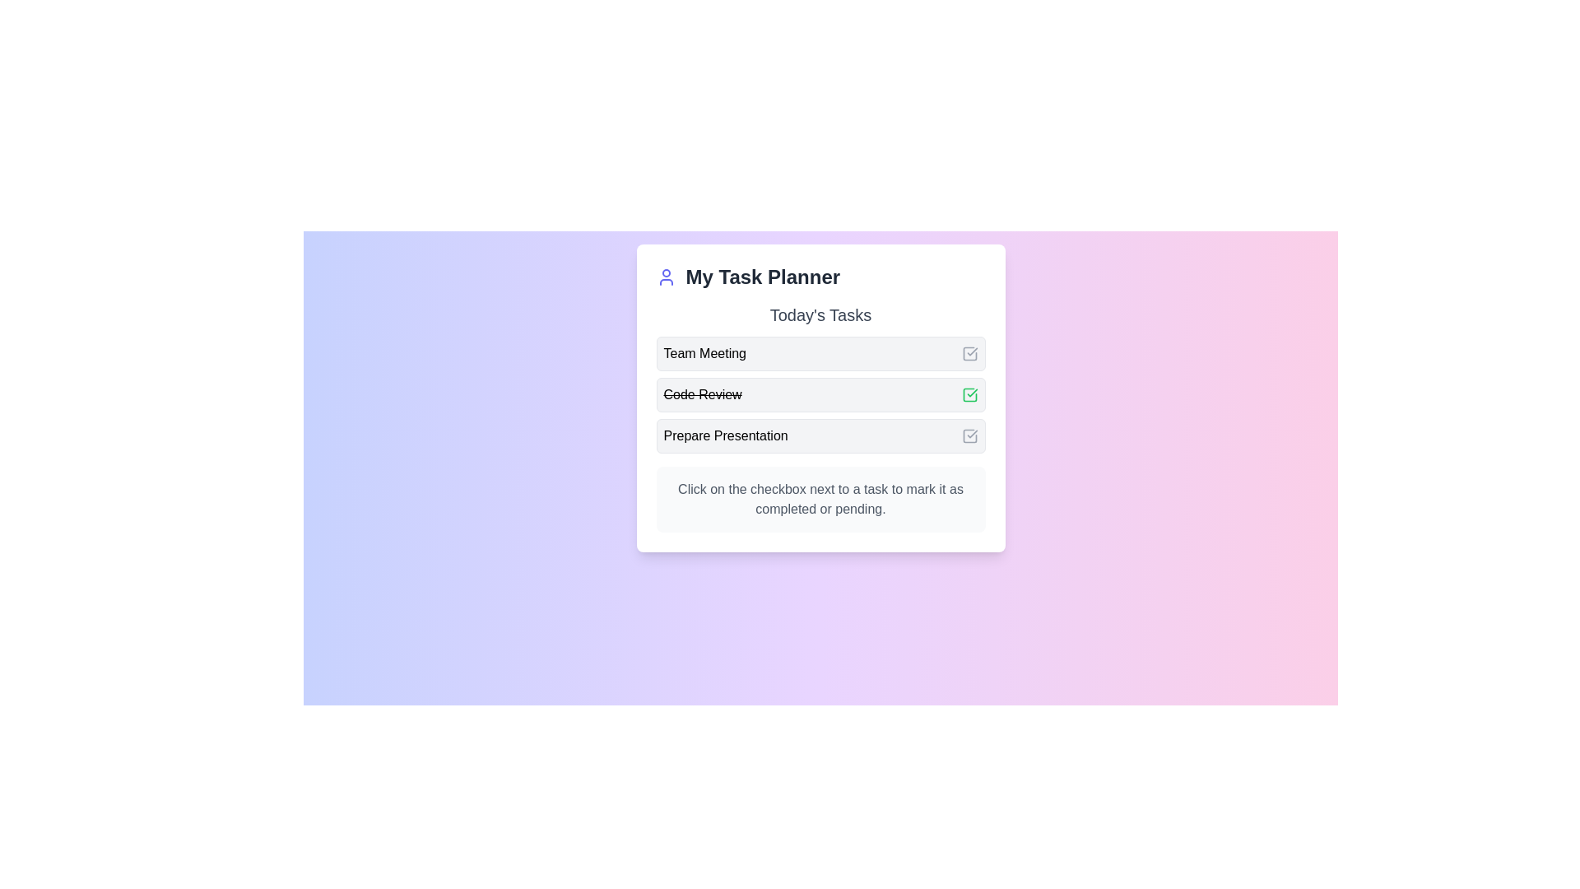 This screenshot has height=889, width=1580. Describe the element at coordinates (703, 394) in the screenshot. I see `the completed task text label in the 'Today's Tasks' section of 'My Task Planner', which is styled with a strike-through to indicate its status as done` at that location.